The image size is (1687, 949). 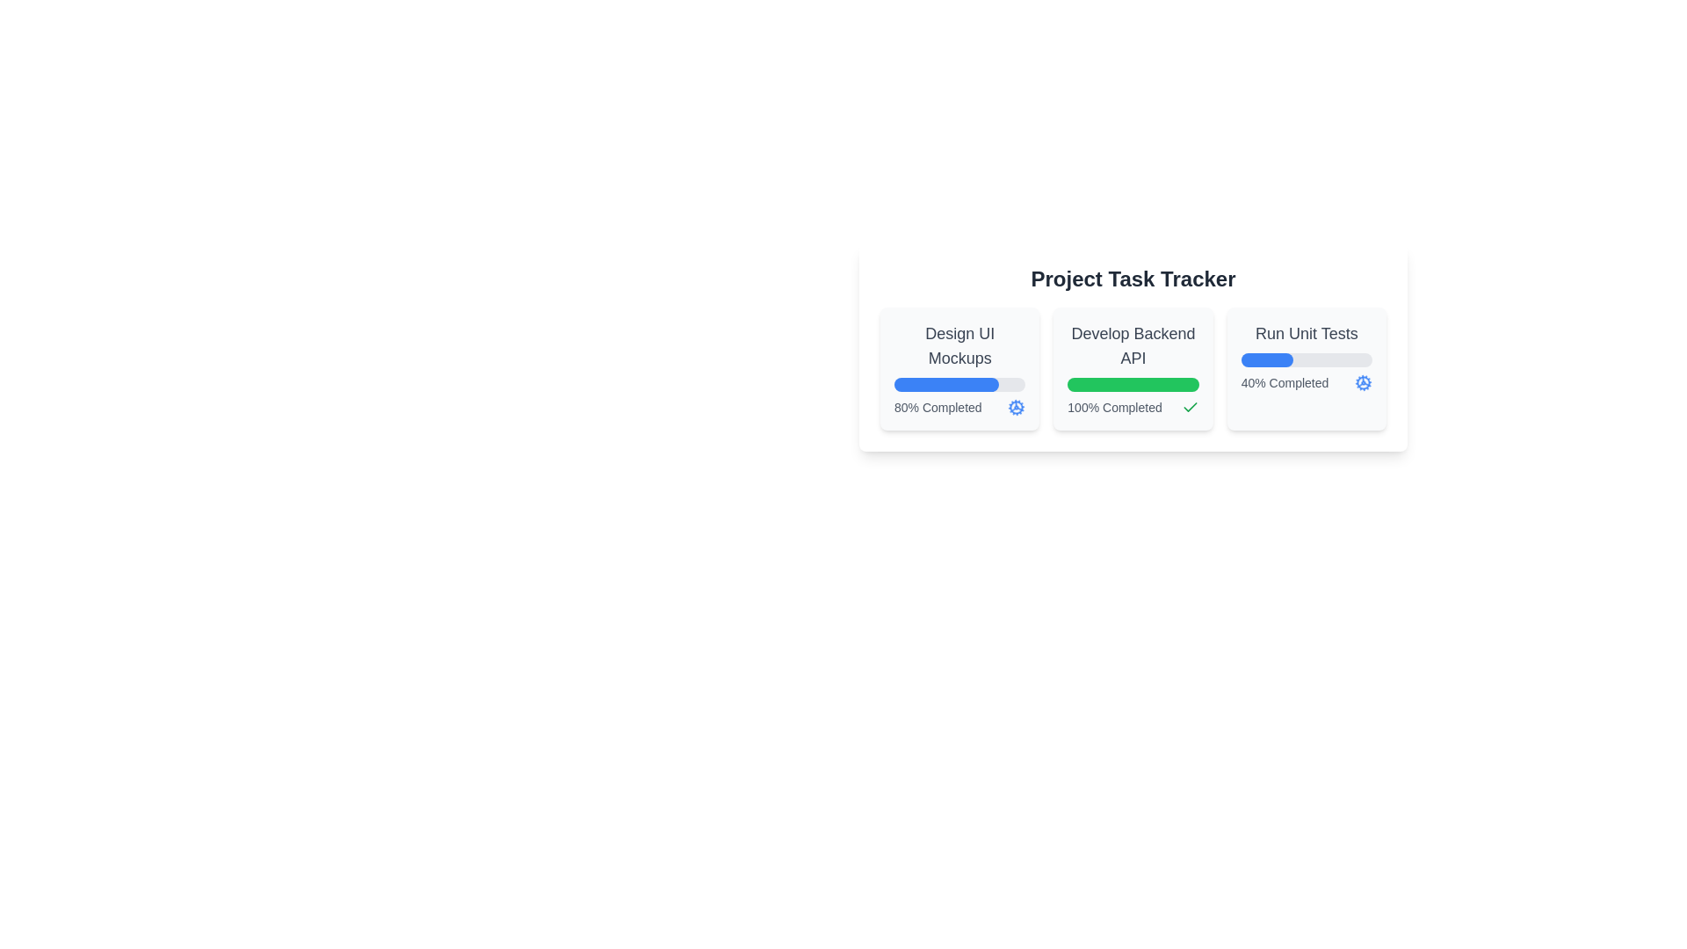 What do you see at coordinates (1362, 381) in the screenshot?
I see `the blue spinning gear icon indicating a loading state, located in the 'Run Unit Tests' section` at bounding box center [1362, 381].